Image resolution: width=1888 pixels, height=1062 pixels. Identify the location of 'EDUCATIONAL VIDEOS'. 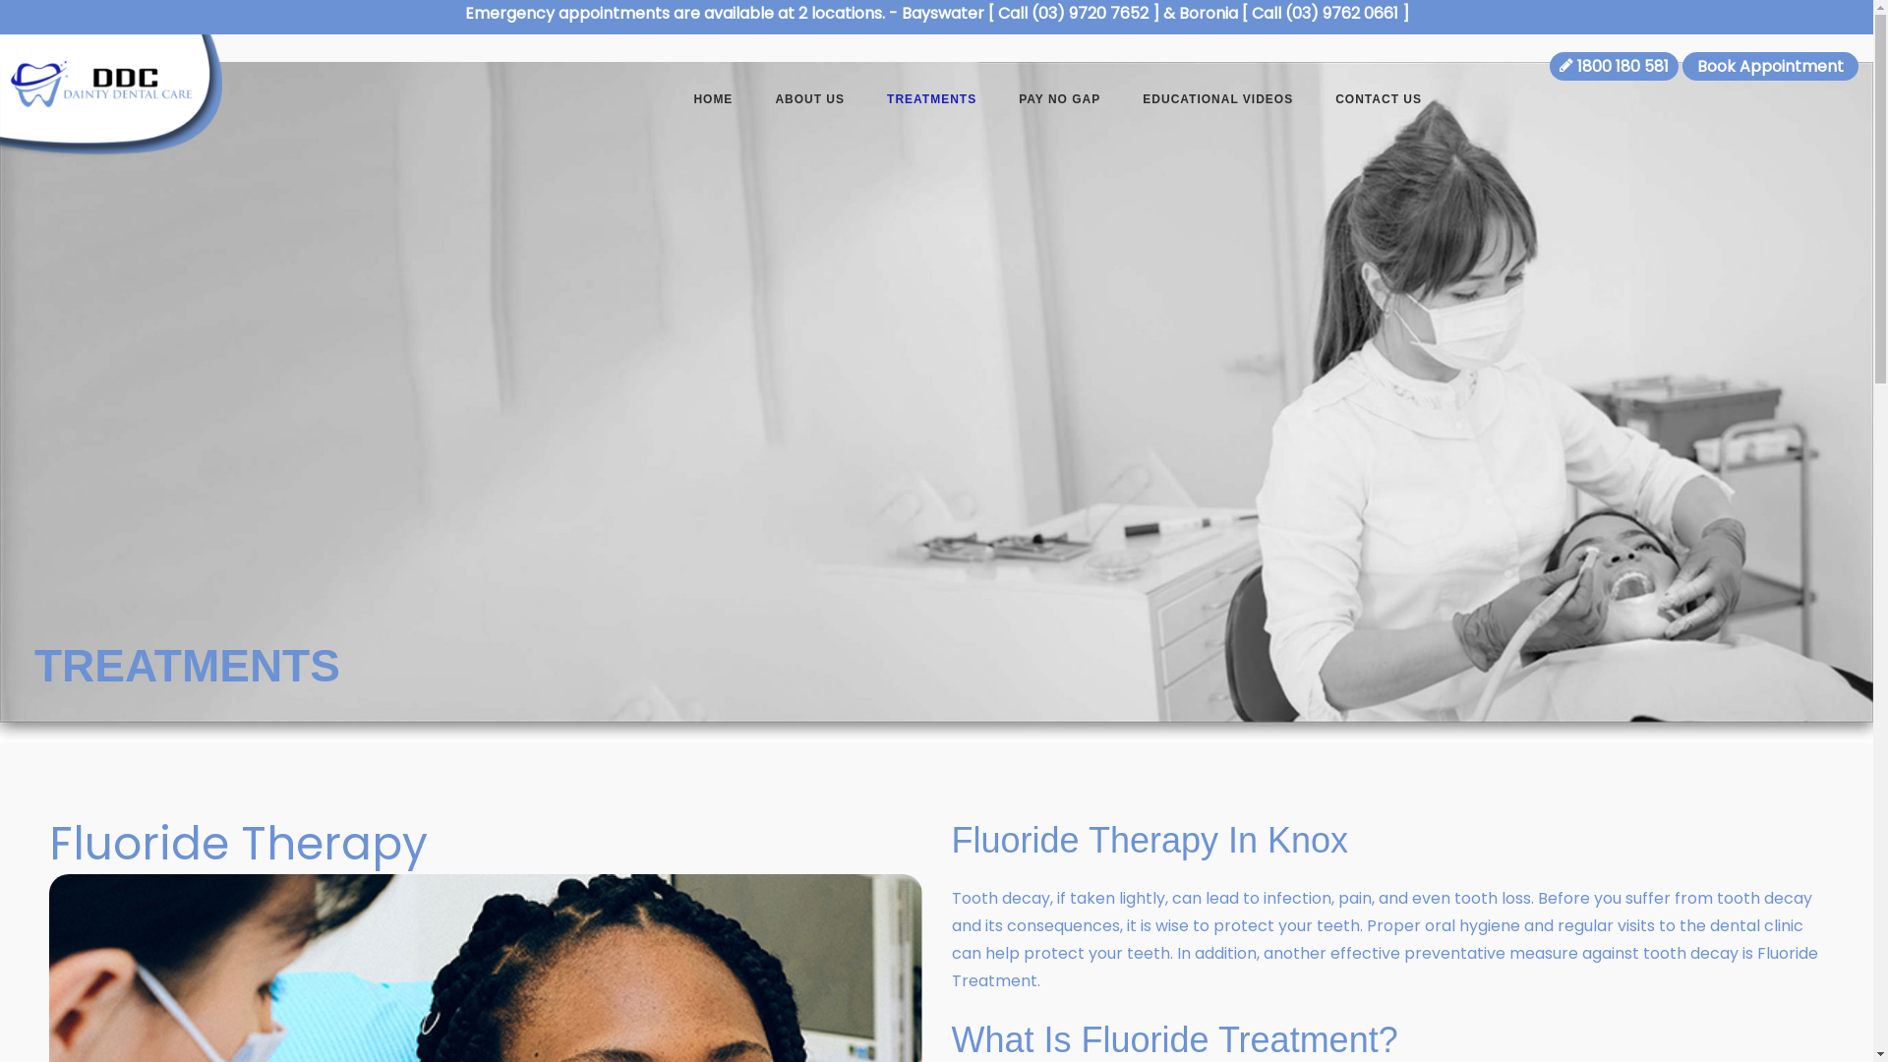
(1216, 101).